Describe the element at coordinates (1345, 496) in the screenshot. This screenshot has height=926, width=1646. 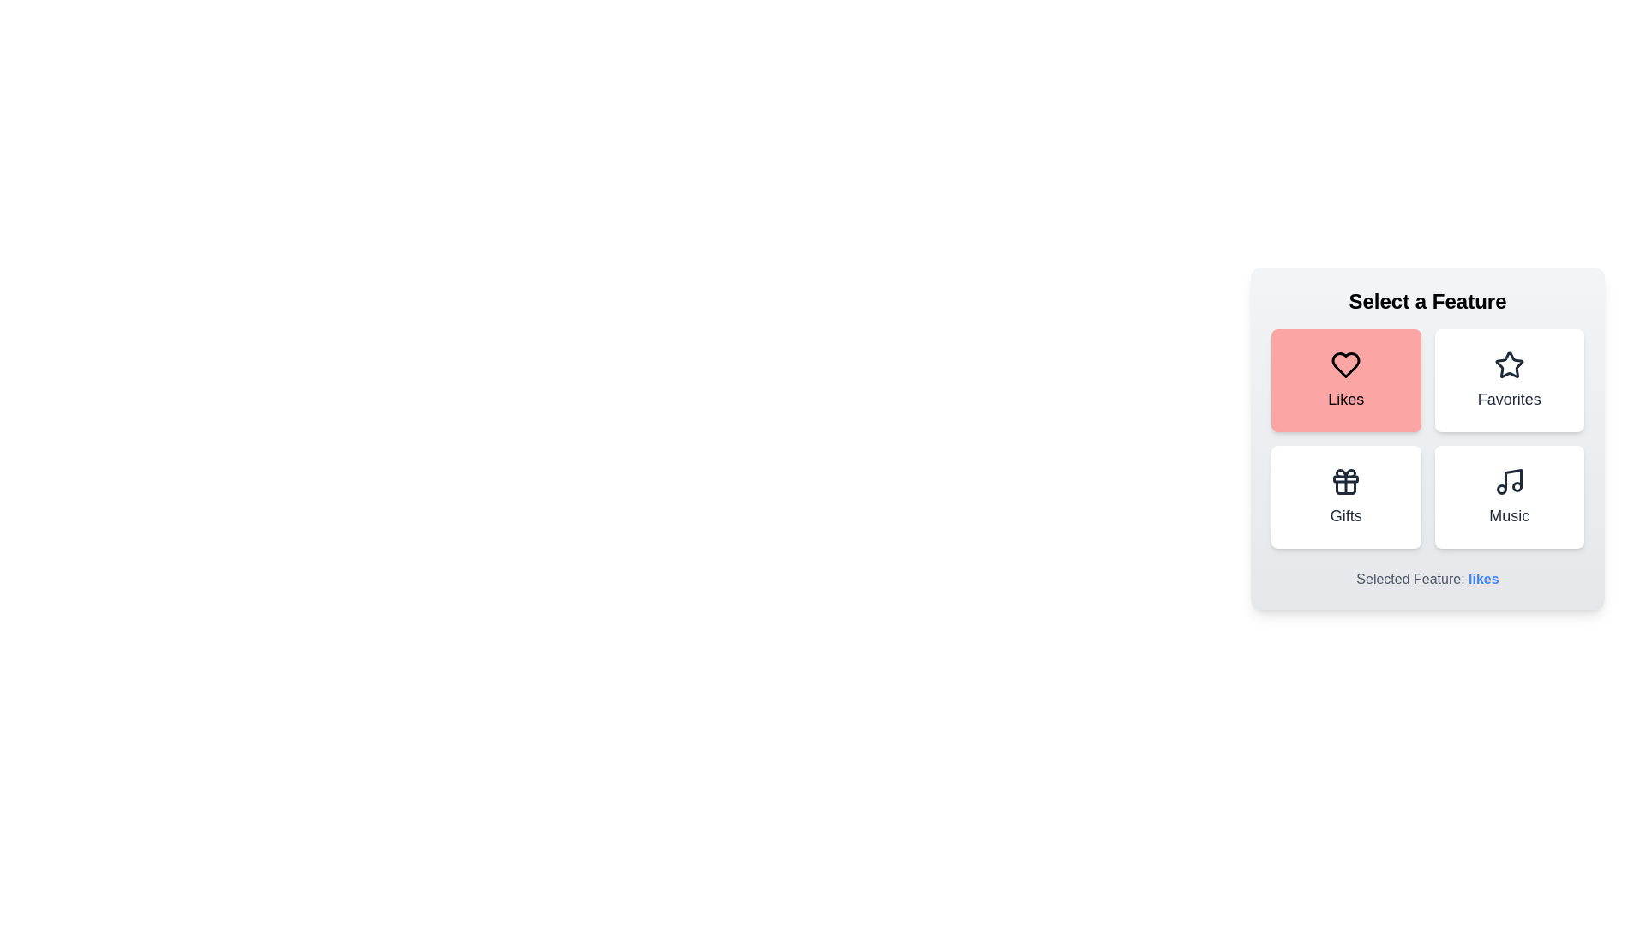
I see `the Gifts button to trigger its additional interaction` at that location.